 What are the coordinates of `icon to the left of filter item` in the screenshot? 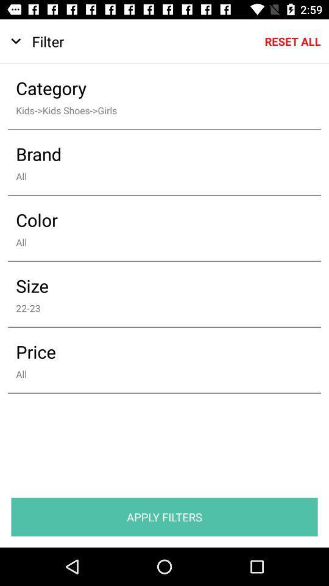 It's located at (15, 41).